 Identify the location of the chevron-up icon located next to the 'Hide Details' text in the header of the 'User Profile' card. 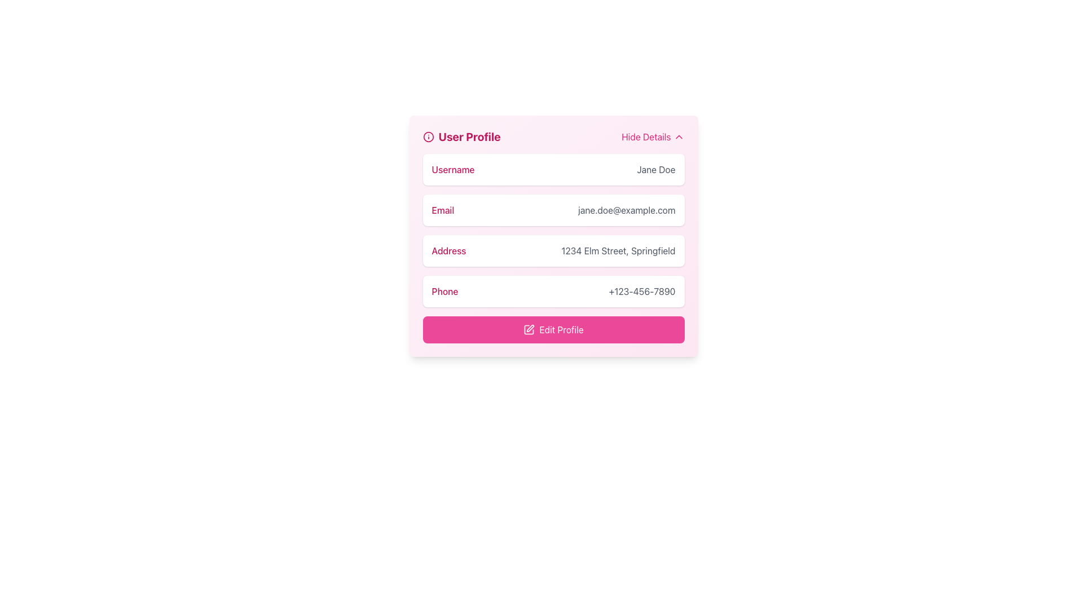
(678, 136).